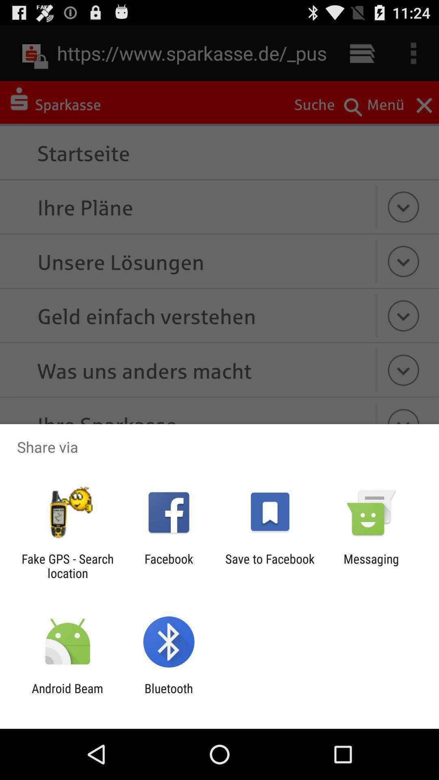 The image size is (439, 780). Describe the element at coordinates (67, 565) in the screenshot. I see `the fake gps search` at that location.